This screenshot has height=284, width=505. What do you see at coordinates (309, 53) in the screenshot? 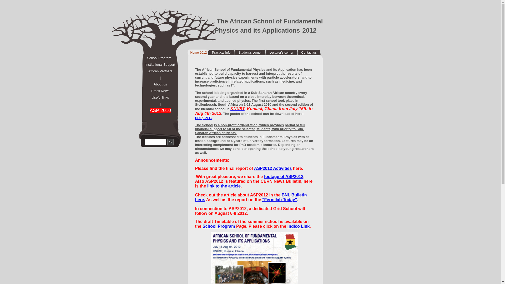
I see `'Contact us'` at bounding box center [309, 53].